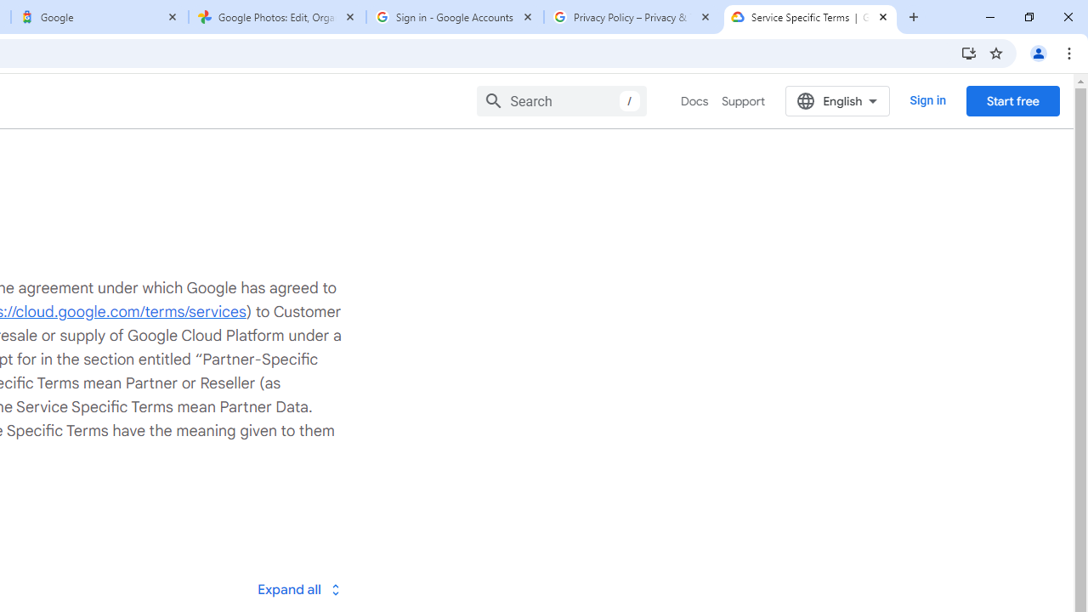 This screenshot has width=1088, height=612. What do you see at coordinates (1028, 17) in the screenshot?
I see `'Restore'` at bounding box center [1028, 17].